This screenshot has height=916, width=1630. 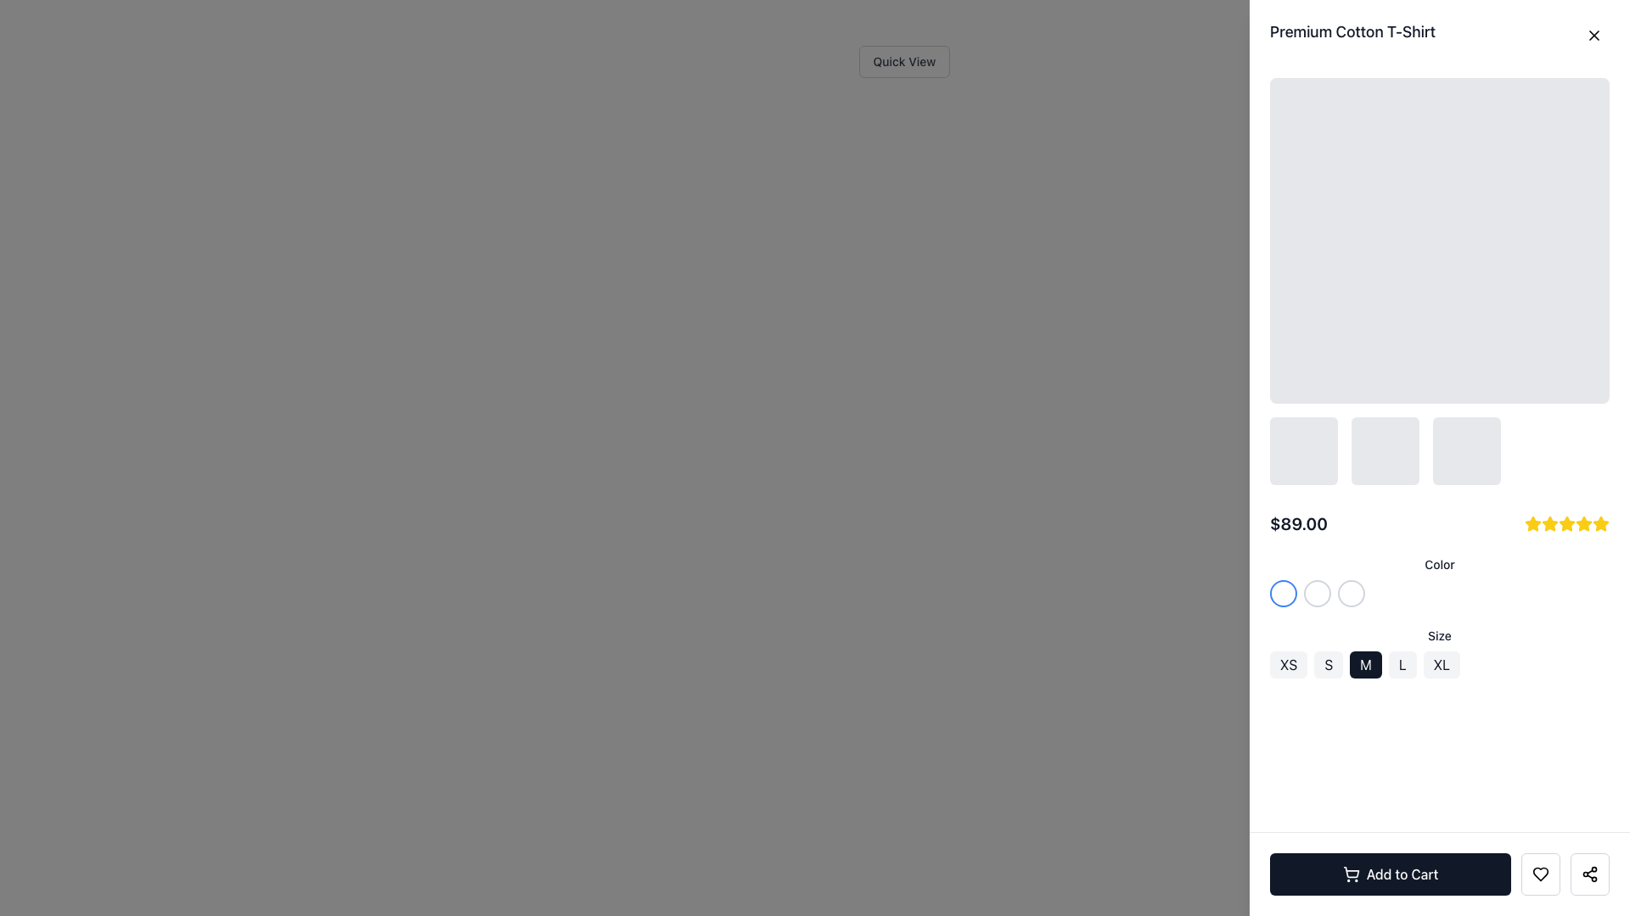 What do you see at coordinates (903, 61) in the screenshot?
I see `the 'Quick View' button, which is styled with rounded corners and a light background` at bounding box center [903, 61].